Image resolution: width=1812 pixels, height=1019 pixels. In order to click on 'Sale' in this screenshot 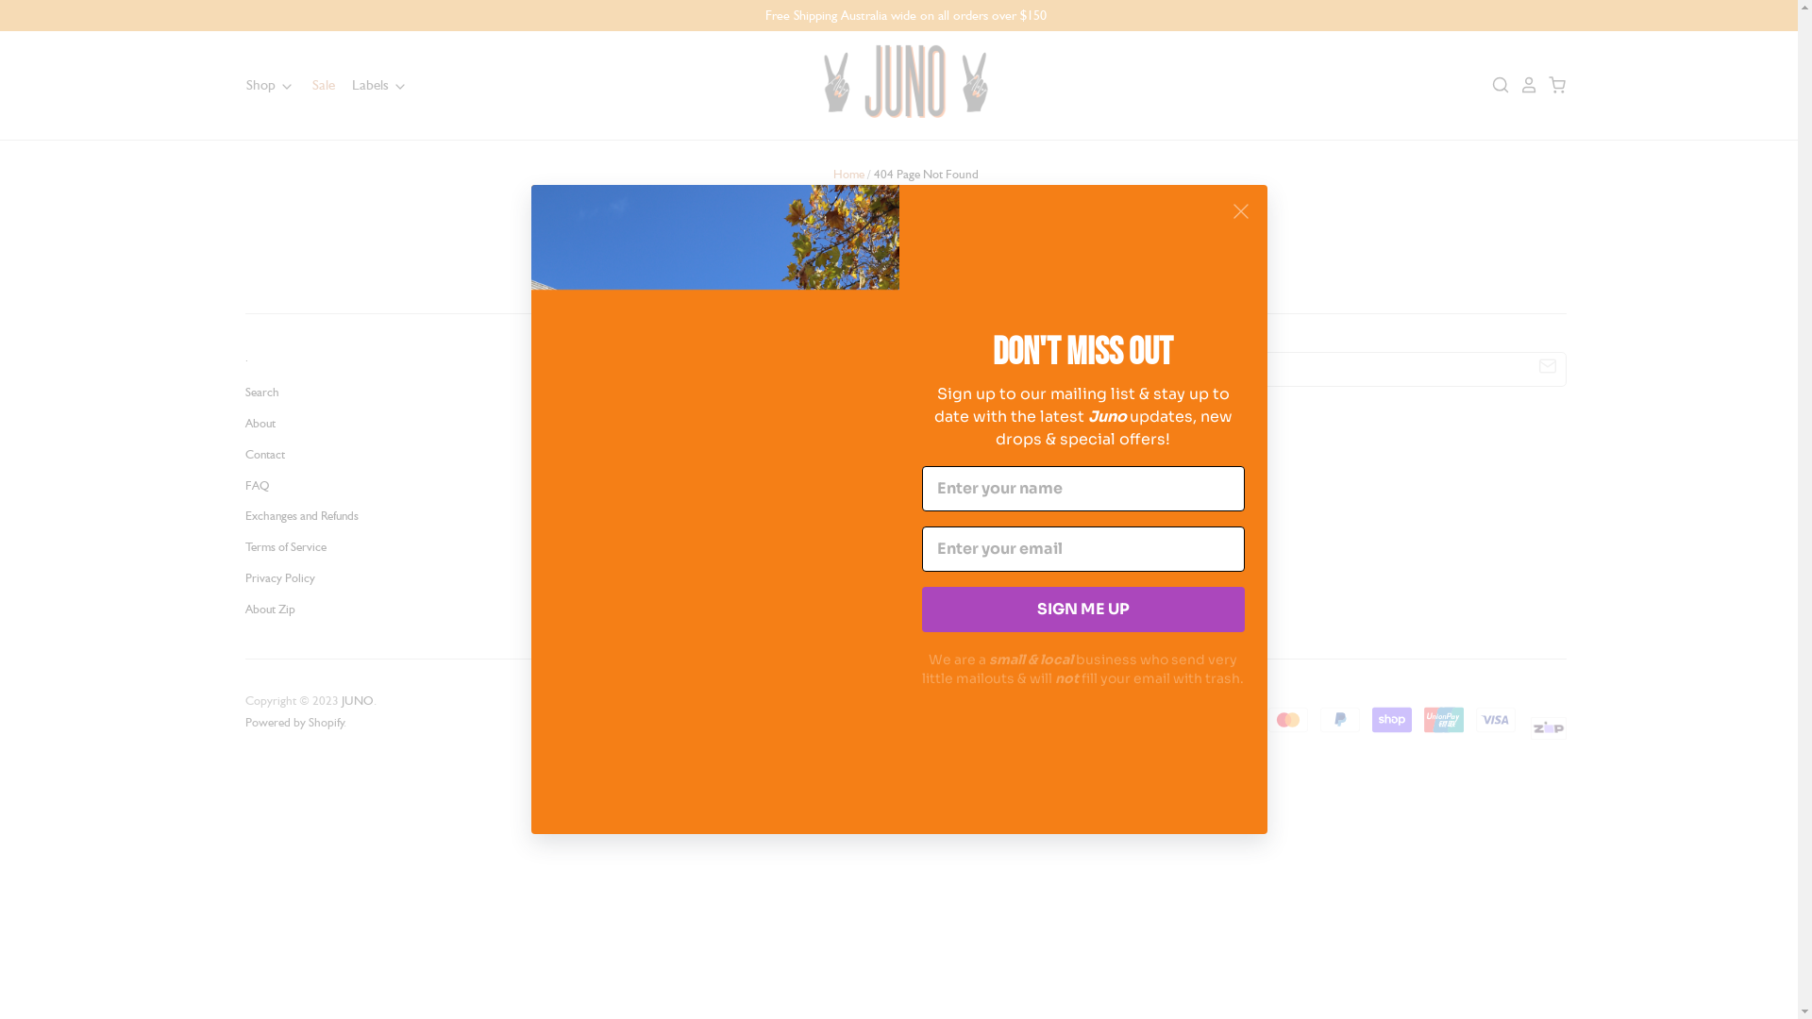, I will do `click(315, 83)`.